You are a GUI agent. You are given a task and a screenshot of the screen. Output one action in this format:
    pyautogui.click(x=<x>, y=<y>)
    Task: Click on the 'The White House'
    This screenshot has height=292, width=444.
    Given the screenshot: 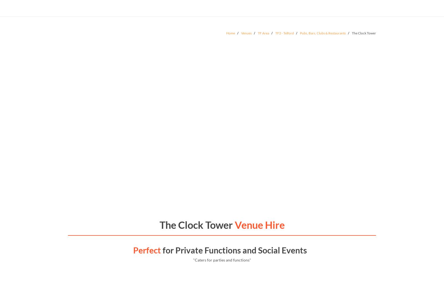 What is the action you would take?
    pyautogui.click(x=98, y=151)
    